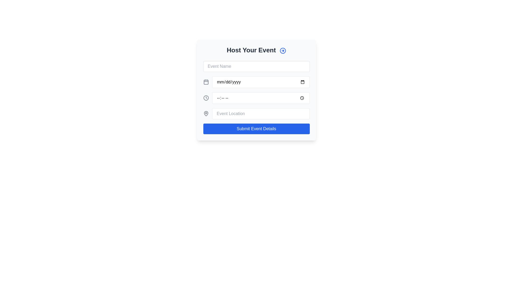  Describe the element at coordinates (256, 98) in the screenshot. I see `the Time Input Field, which is an empty input field with clock icons on both sides, located under the 'Host Your Event' section` at that location.